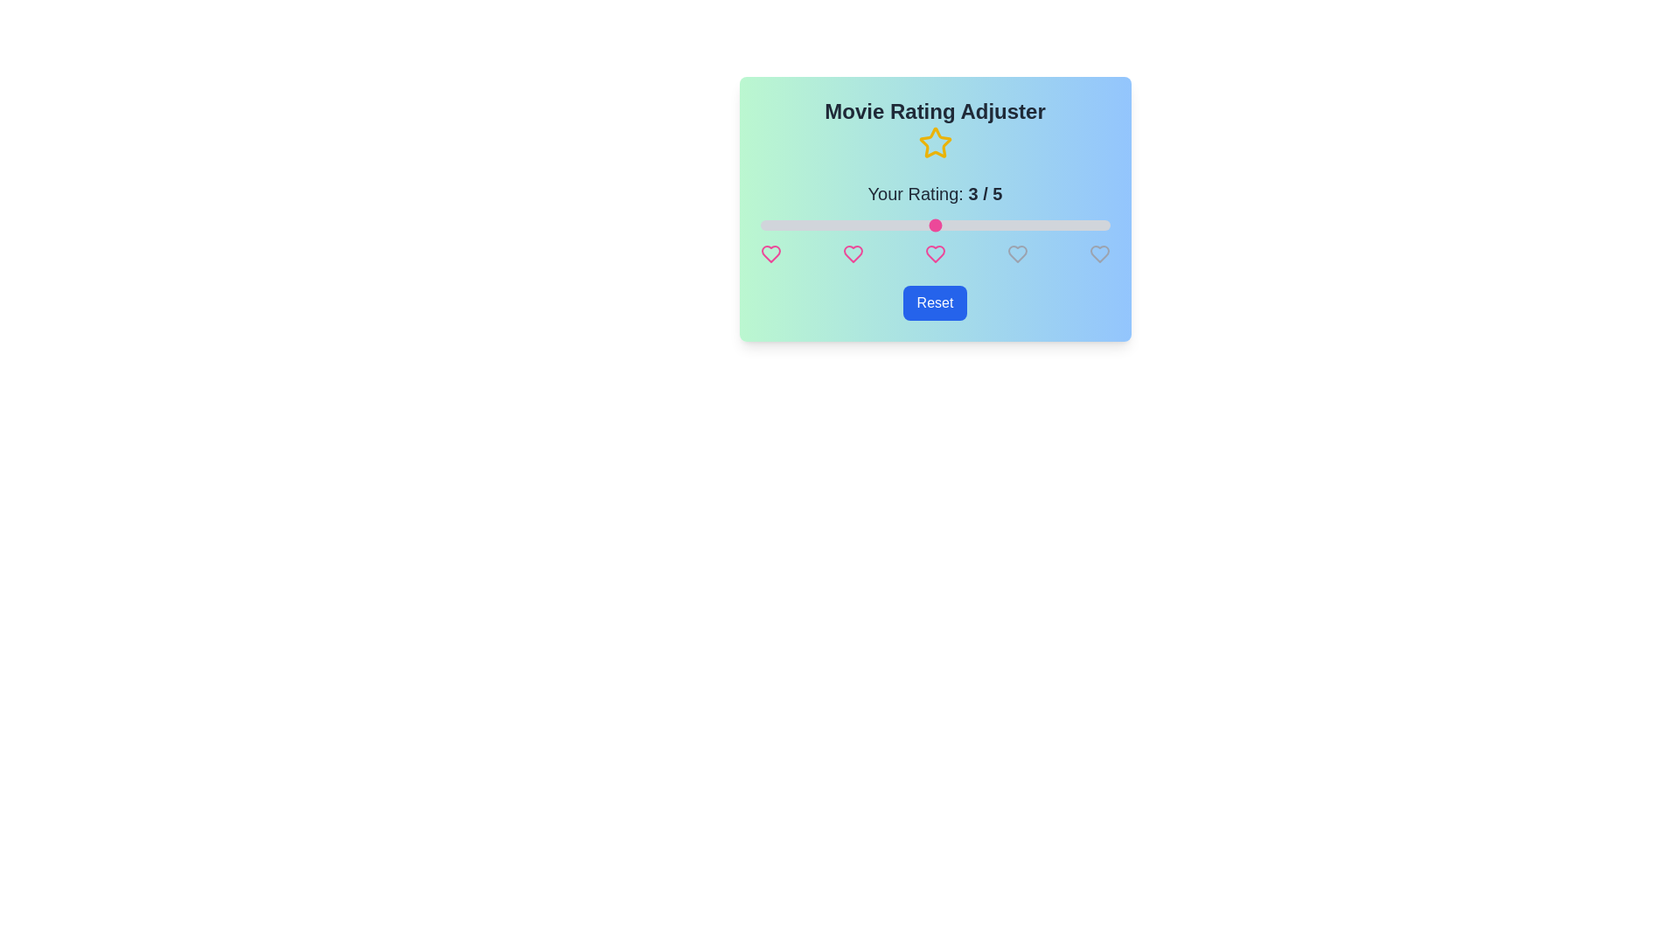 The width and height of the screenshot is (1679, 944). I want to click on the rating slider to 4, so click(1022, 225).